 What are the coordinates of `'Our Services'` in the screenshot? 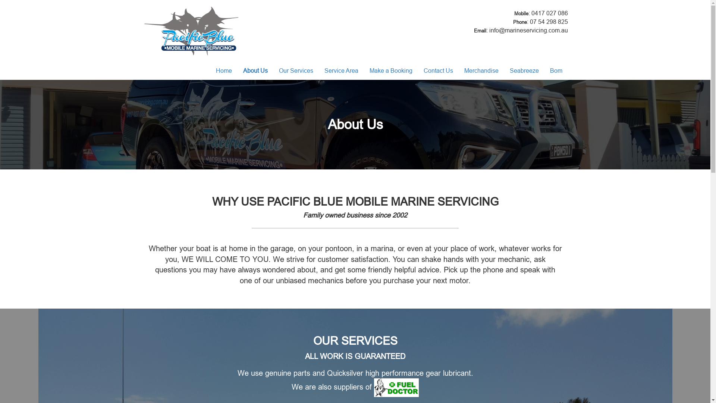 It's located at (295, 71).